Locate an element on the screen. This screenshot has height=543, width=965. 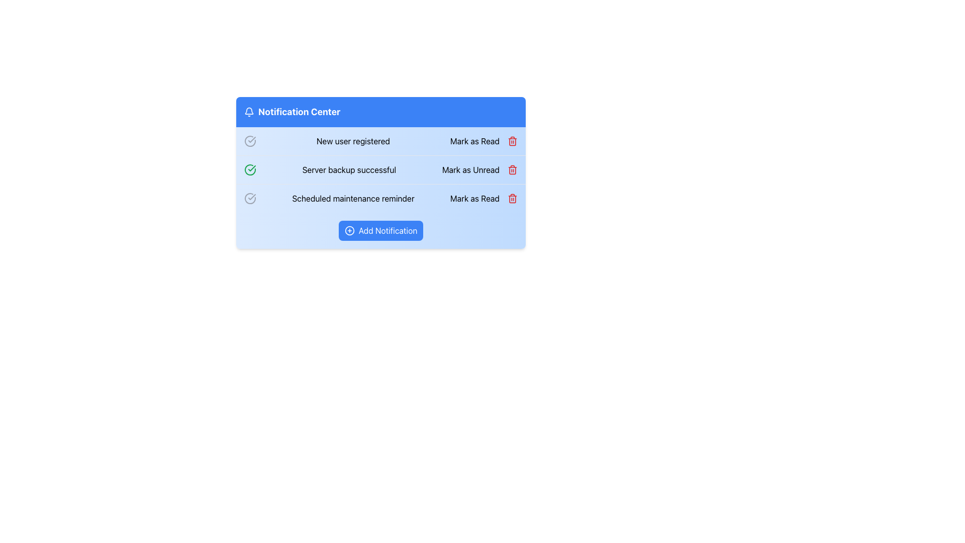
the delete button located to the far right of the notification row titled 'New user registered' is located at coordinates (512, 141).